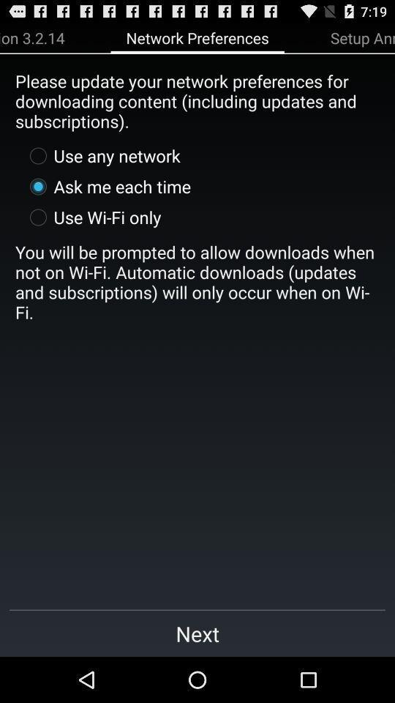  I want to click on the item next to the network preferences item, so click(32, 37).